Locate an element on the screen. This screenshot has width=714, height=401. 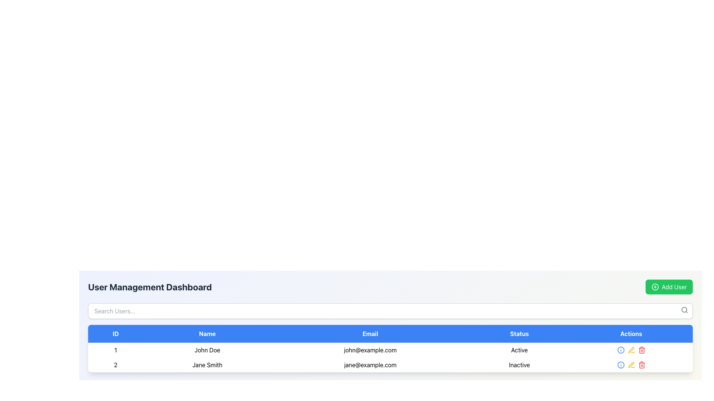
the status indicator text label for the user 'Jane Smith', which signifies that the user's account is inactive, located in the 'Status' column of the user management table is located at coordinates (519, 365).